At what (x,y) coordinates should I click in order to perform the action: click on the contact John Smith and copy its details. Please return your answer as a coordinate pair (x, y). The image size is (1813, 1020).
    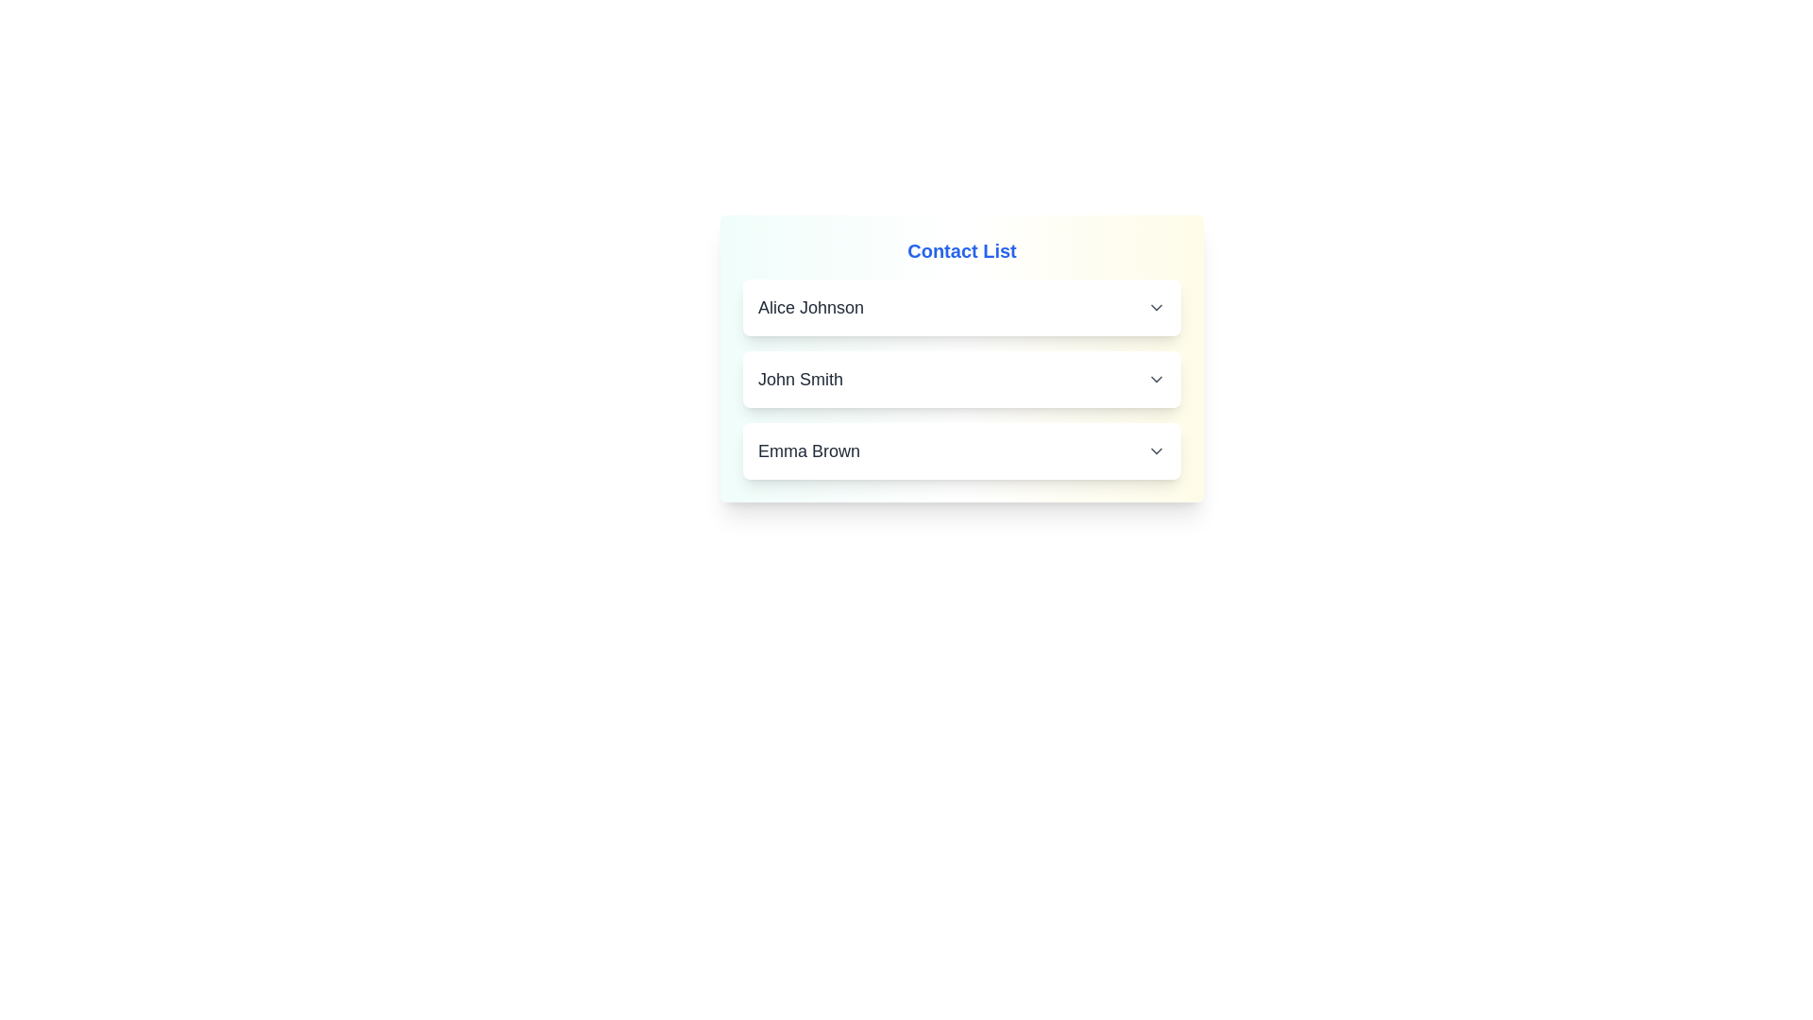
    Looking at the image, I should click on (961, 379).